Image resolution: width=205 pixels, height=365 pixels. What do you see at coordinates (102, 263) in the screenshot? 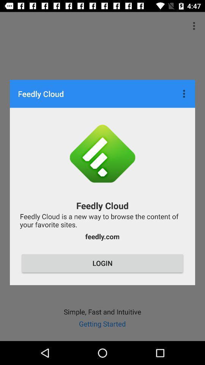
I see `login` at bounding box center [102, 263].